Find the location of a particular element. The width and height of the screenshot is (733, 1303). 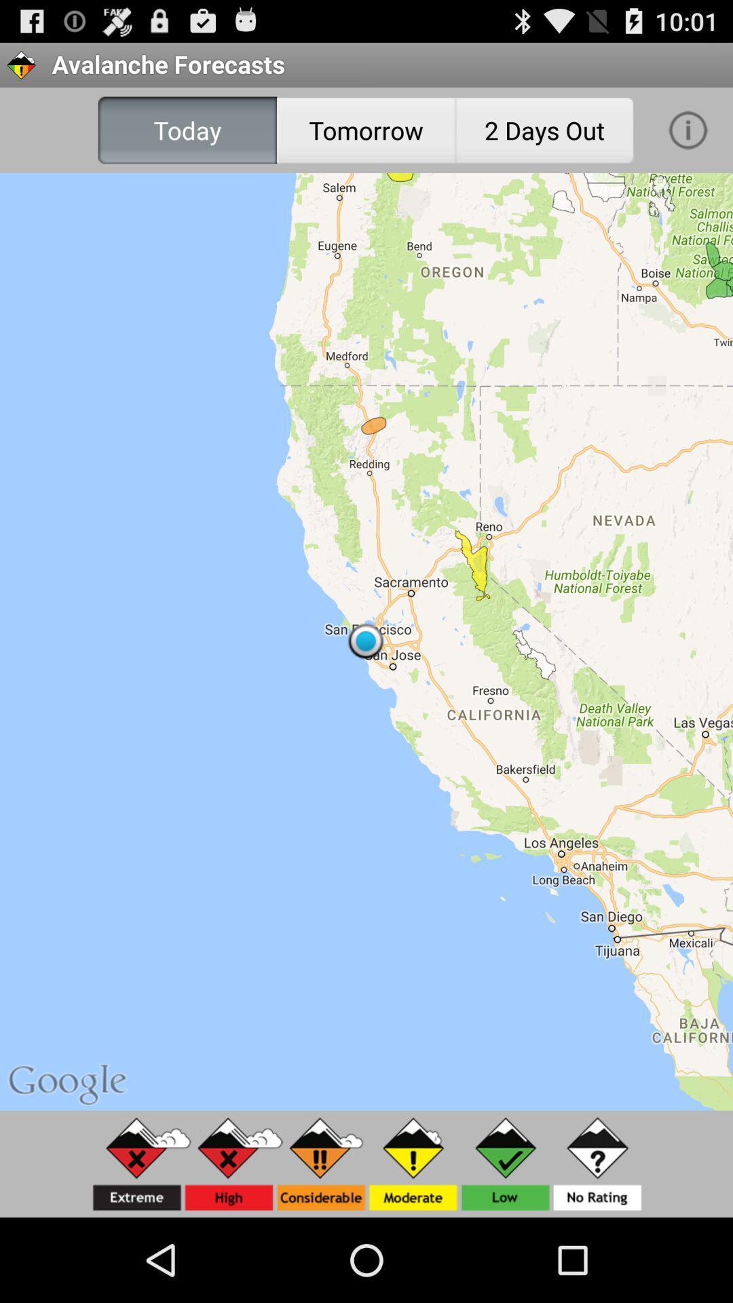

the info icon is located at coordinates (688, 139).